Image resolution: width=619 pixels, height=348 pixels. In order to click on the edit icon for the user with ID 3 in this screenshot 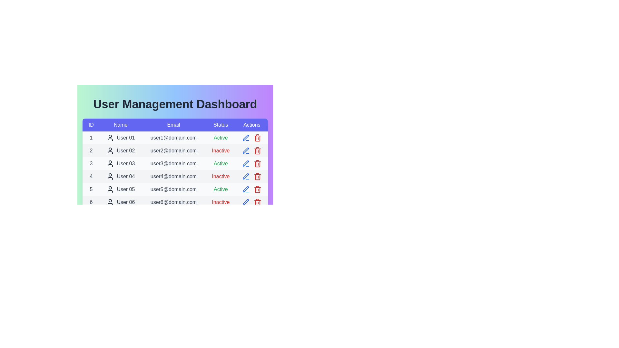, I will do `click(246, 163)`.